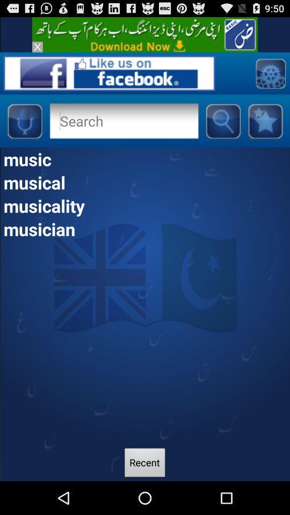 The image size is (290, 515). What do you see at coordinates (265, 129) in the screenshot?
I see `the star icon` at bounding box center [265, 129].